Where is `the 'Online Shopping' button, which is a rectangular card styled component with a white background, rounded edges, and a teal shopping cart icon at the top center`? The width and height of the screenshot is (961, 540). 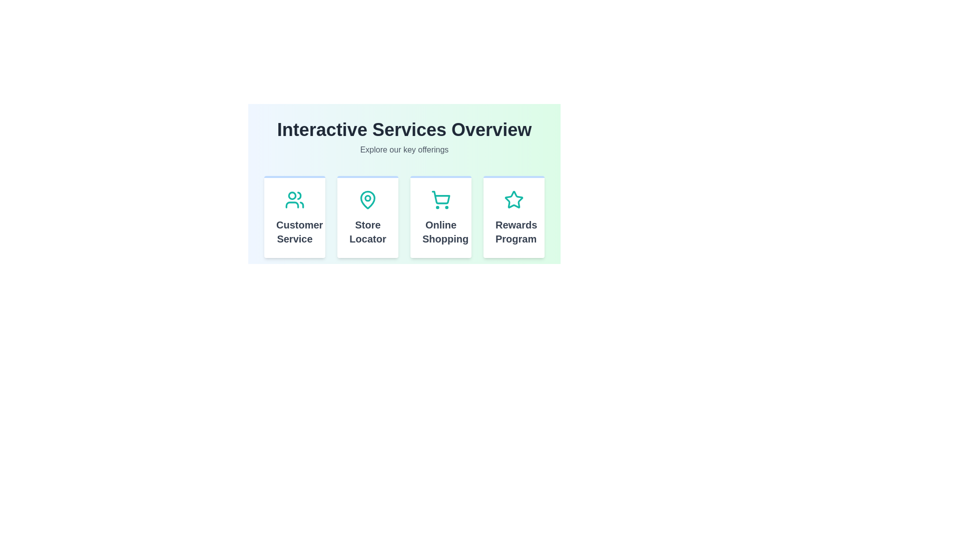 the 'Online Shopping' button, which is a rectangular card styled component with a white background, rounded edges, and a teal shopping cart icon at the top center is located at coordinates (440, 216).